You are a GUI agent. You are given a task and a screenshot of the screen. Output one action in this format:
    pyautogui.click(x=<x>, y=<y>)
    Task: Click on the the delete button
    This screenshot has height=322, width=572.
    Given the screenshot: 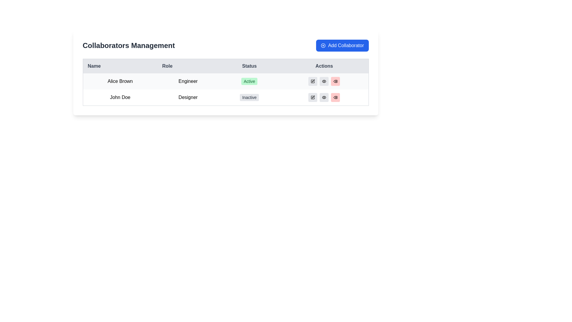 What is the action you would take?
    pyautogui.click(x=335, y=97)
    